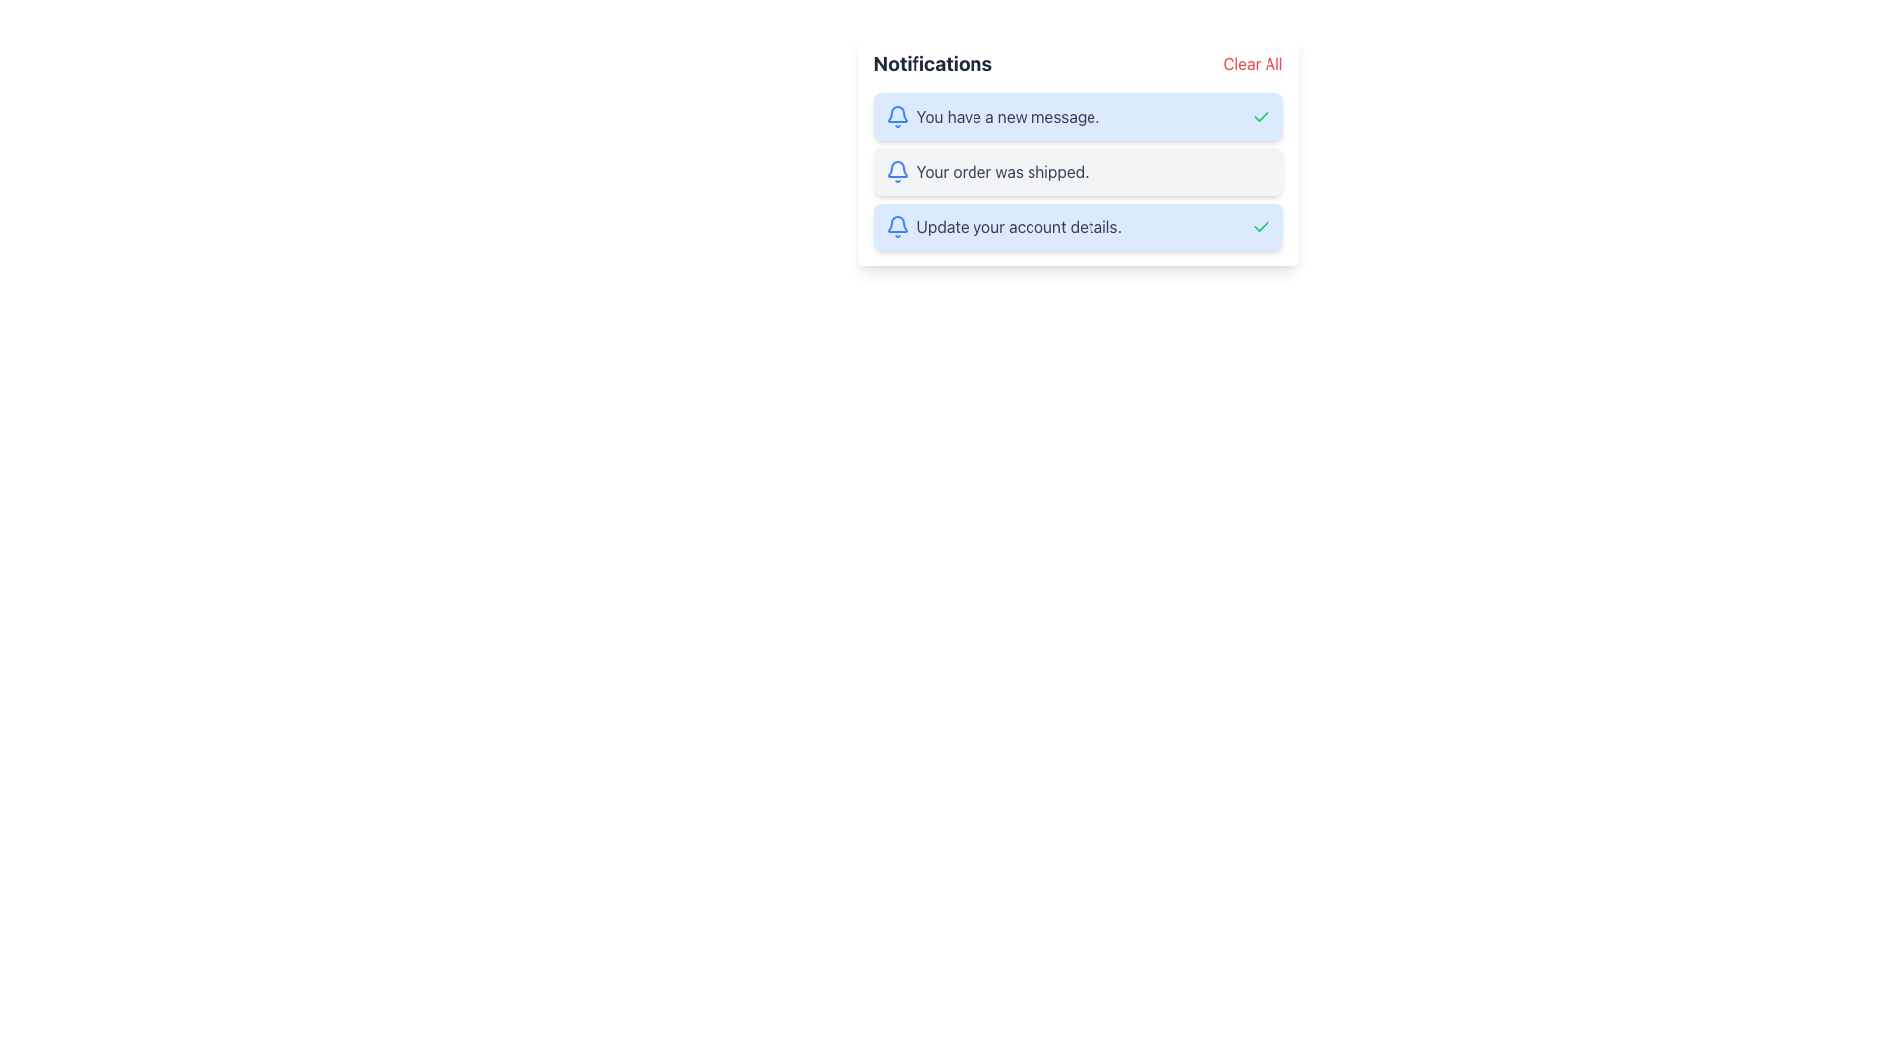  What do you see at coordinates (1252, 63) in the screenshot?
I see `the 'Clear All' button, which is styled with a red font color and changes to a darker red on hover, located to the far right of the 'Notifications' header` at bounding box center [1252, 63].